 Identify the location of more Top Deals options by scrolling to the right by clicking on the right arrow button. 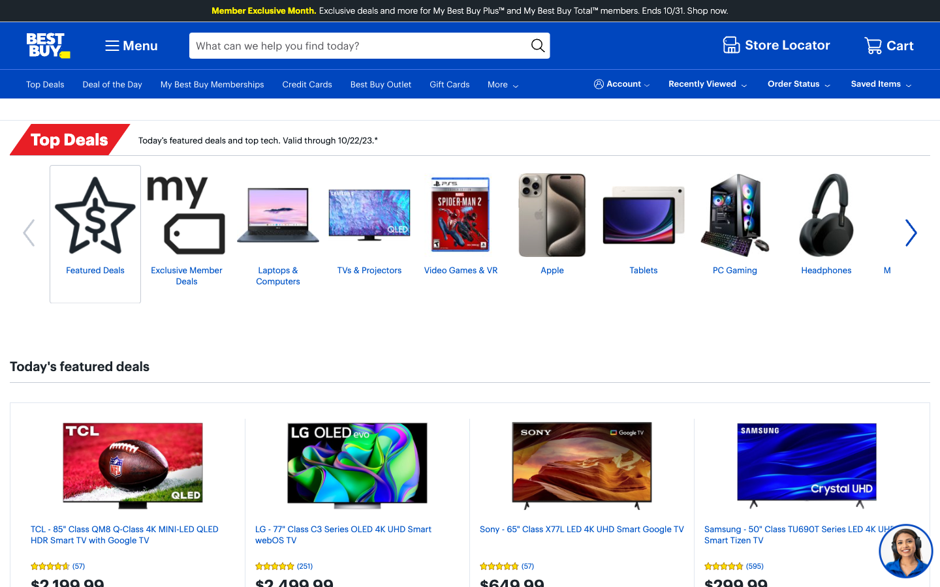
(911, 234).